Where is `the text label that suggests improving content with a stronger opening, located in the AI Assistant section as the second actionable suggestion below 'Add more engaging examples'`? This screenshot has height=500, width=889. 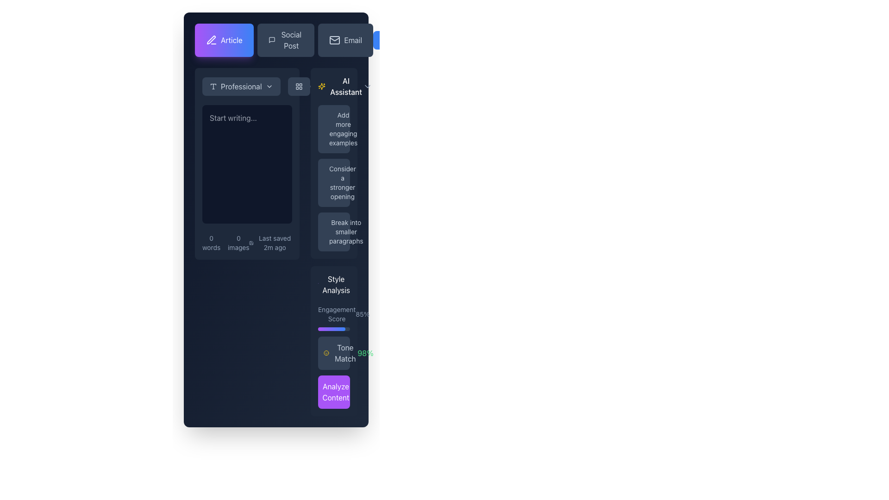
the text label that suggests improving content with a stronger opening, located in the AI Assistant section as the second actionable suggestion below 'Add more engaging examples' is located at coordinates (342, 182).